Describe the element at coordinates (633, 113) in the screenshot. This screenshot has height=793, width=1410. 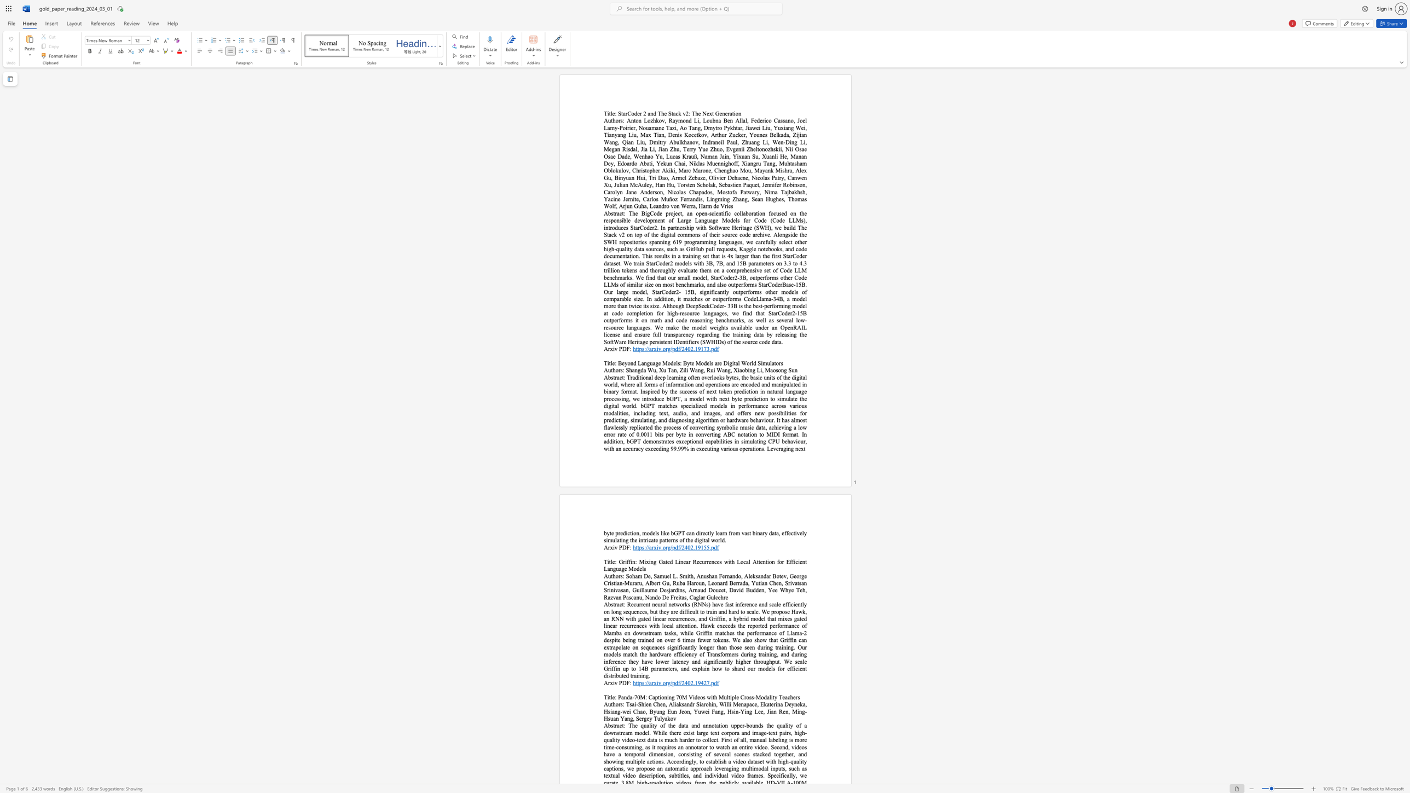
I see `the subset text "der 2 and The St" within the text "StarCoder 2 and The Stack v2: The Next Generation"` at that location.